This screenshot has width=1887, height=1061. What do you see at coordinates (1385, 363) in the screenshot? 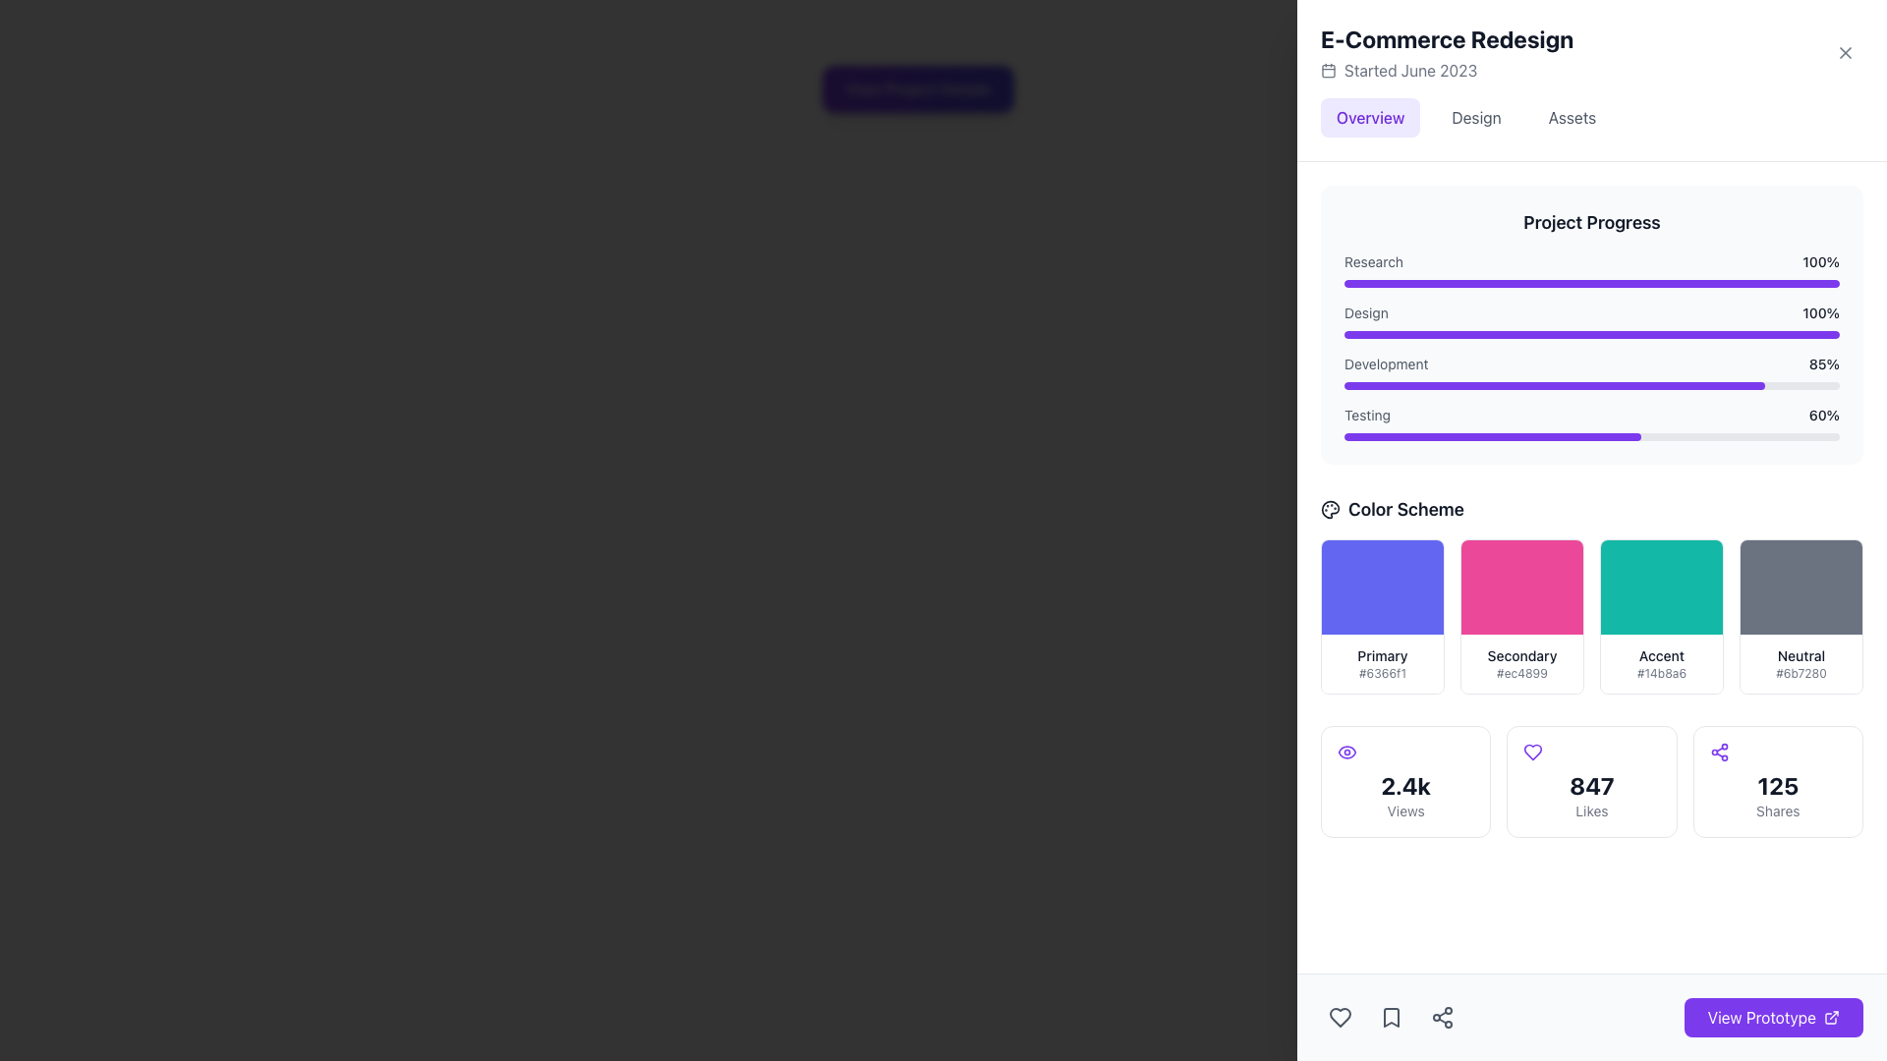
I see `the 'Development' text label styled in a small, gray font within the project progress section` at bounding box center [1385, 363].